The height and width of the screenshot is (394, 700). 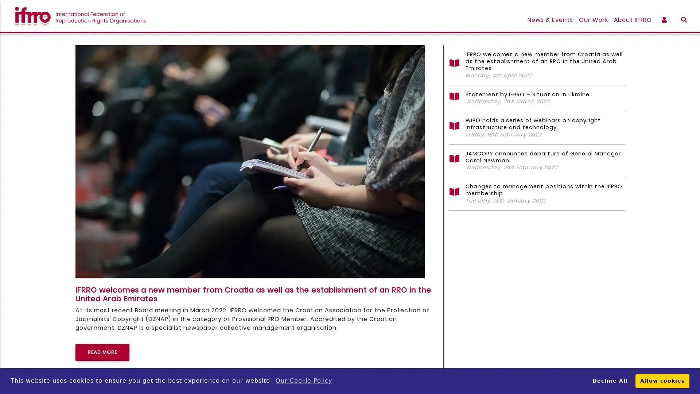 What do you see at coordinates (610, 381) in the screenshot?
I see `deny cookies` at bounding box center [610, 381].